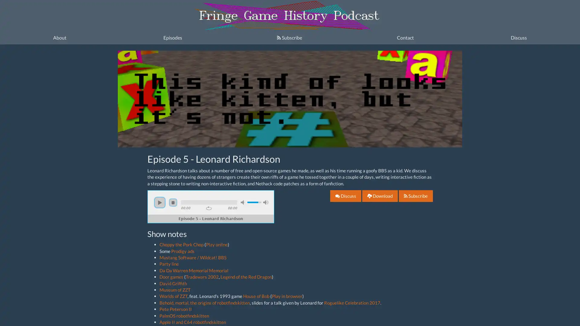  I want to click on max volume, so click(265, 202).